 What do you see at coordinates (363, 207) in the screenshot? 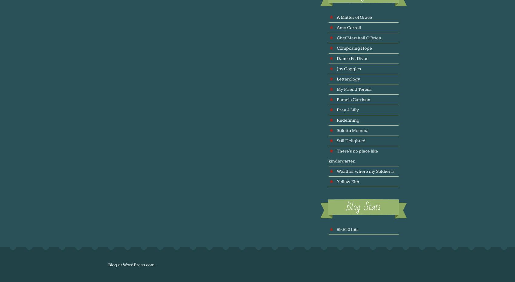
I see `'Blog Stats'` at bounding box center [363, 207].